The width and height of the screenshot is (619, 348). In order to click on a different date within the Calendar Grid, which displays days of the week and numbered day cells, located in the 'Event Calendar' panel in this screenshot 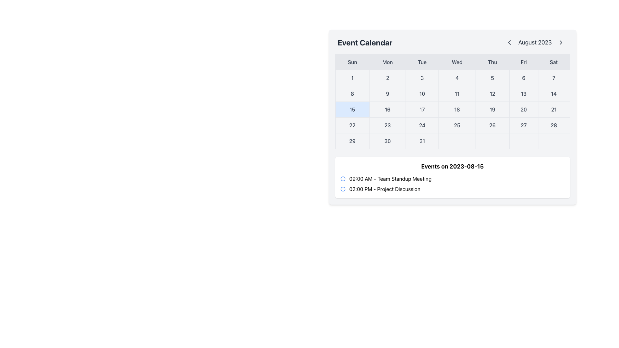, I will do `click(452, 101)`.